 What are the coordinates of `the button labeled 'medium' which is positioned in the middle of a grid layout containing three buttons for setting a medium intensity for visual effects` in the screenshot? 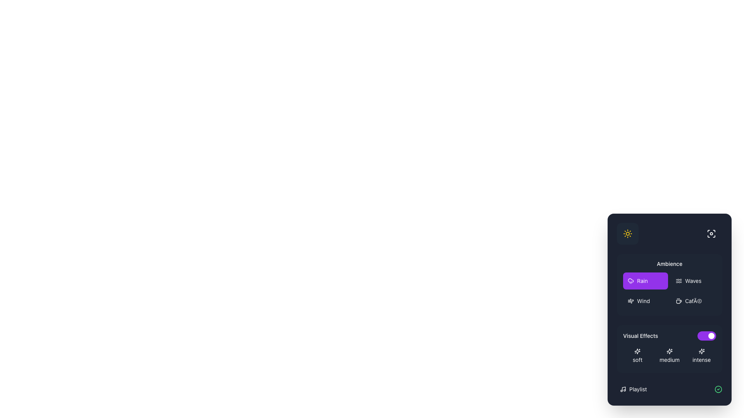 It's located at (669, 356).